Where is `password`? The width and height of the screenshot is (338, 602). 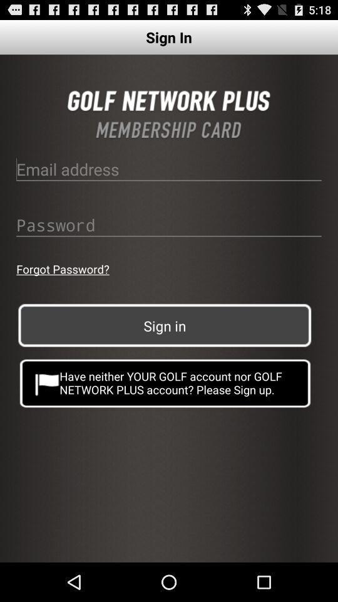
password is located at coordinates (169, 224).